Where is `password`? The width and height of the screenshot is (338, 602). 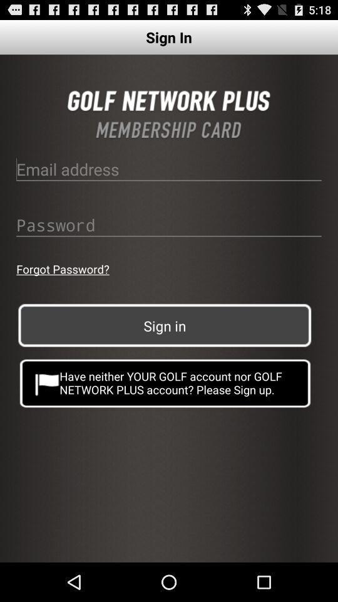
password is located at coordinates (169, 224).